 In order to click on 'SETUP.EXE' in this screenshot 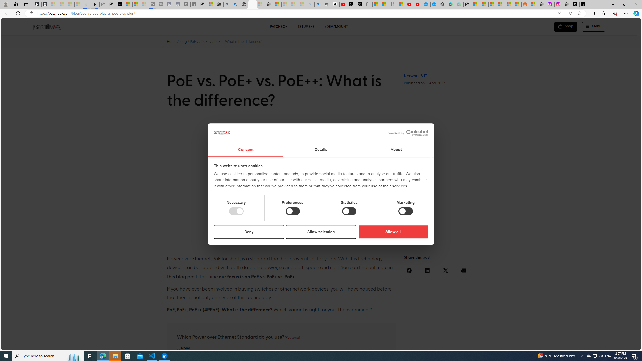, I will do `click(306, 27)`.